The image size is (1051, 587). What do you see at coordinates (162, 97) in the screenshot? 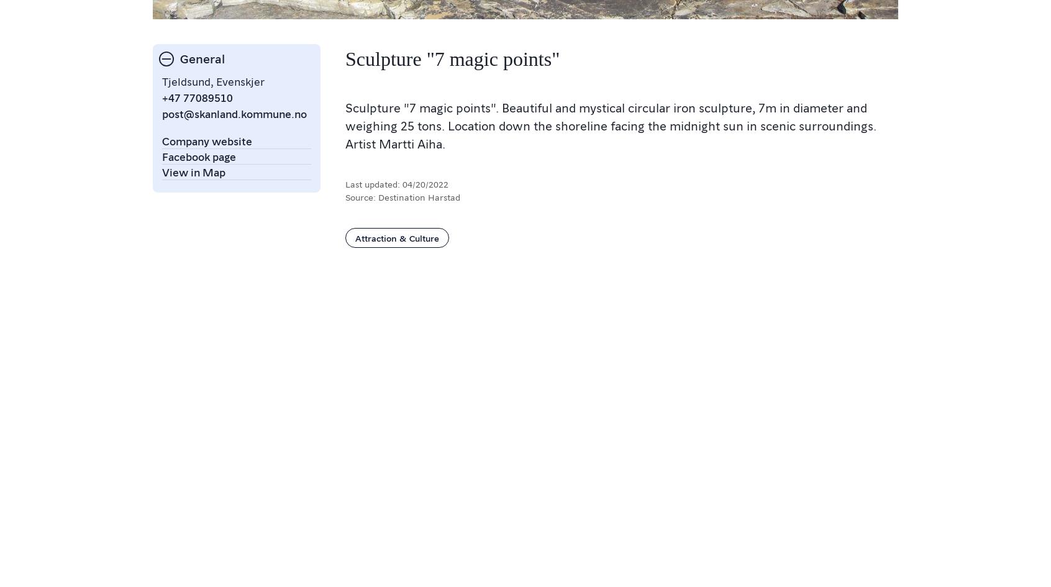
I see `'+47 77089510'` at bounding box center [162, 97].